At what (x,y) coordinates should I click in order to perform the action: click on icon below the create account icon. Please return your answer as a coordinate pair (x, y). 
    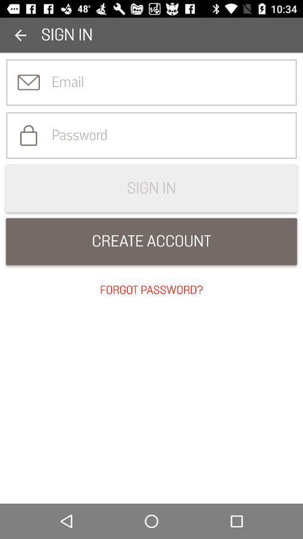
    Looking at the image, I should click on (151, 290).